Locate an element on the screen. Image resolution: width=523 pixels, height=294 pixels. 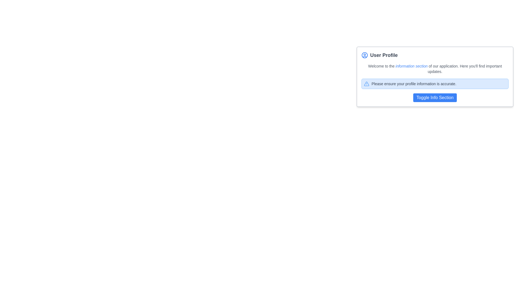
the descriptive text element located in the third row of the card, positioned between 'Welcome to the' and 'of our application' is located at coordinates (412, 66).